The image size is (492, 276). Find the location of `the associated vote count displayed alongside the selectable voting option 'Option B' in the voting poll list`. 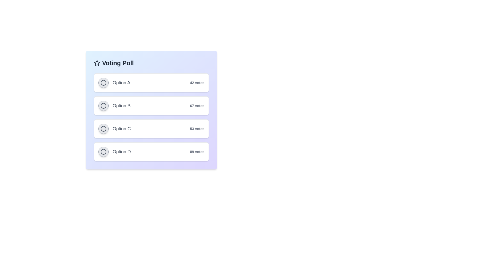

the associated vote count displayed alongside the selectable voting option 'Option B' in the voting poll list is located at coordinates (151, 110).